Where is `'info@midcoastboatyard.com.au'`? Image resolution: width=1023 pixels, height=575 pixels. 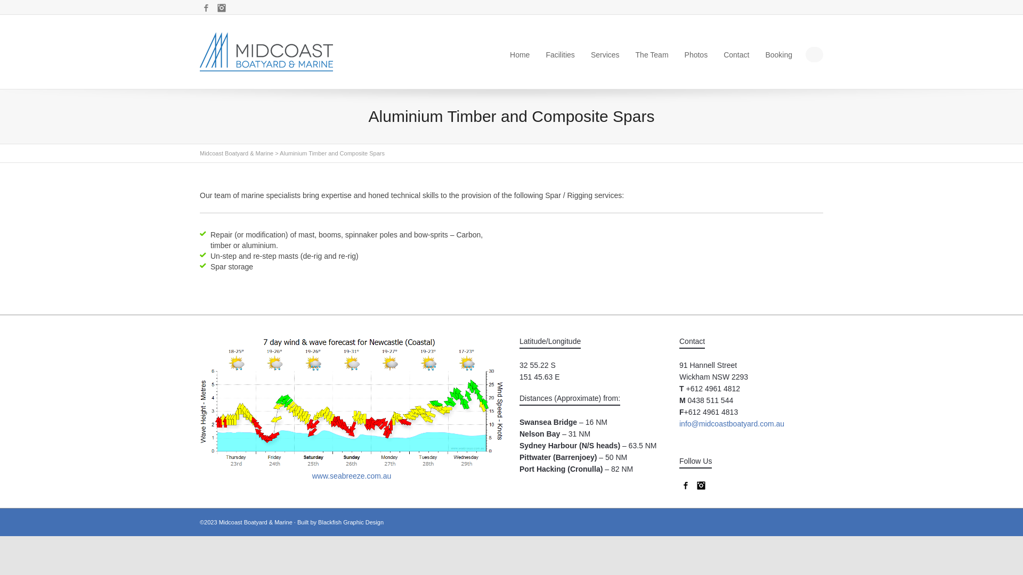 'info@midcoastboatyard.com.au' is located at coordinates (731, 423).